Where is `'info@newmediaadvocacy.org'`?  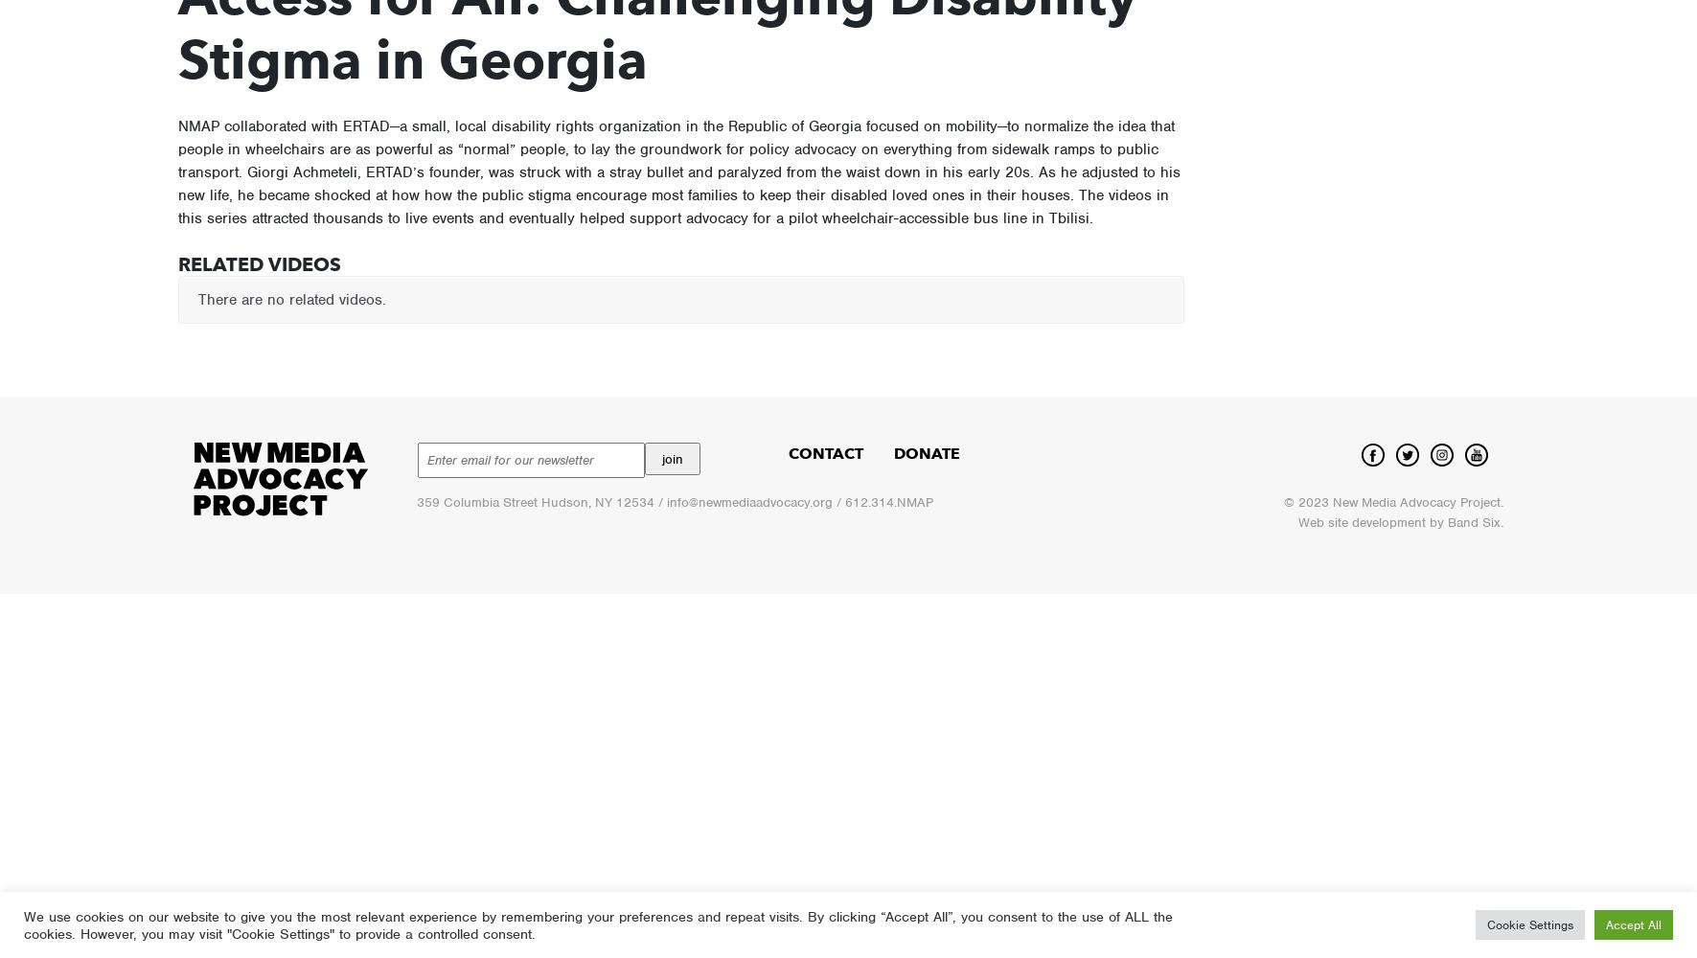
'info@newmediaadvocacy.org' is located at coordinates (665, 502).